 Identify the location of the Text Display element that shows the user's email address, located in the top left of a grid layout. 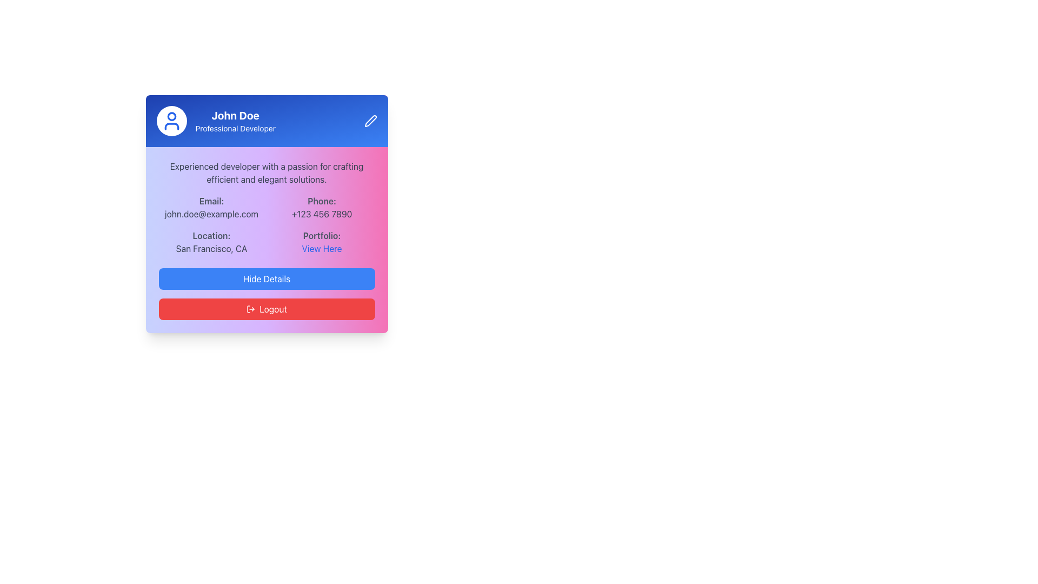
(211, 208).